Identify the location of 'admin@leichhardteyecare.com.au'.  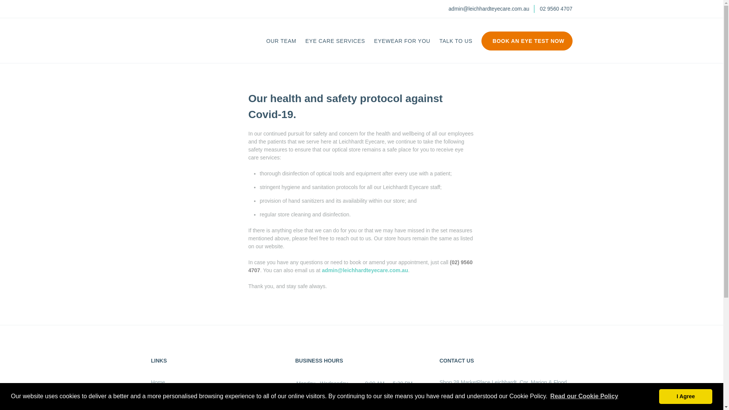
(365, 270).